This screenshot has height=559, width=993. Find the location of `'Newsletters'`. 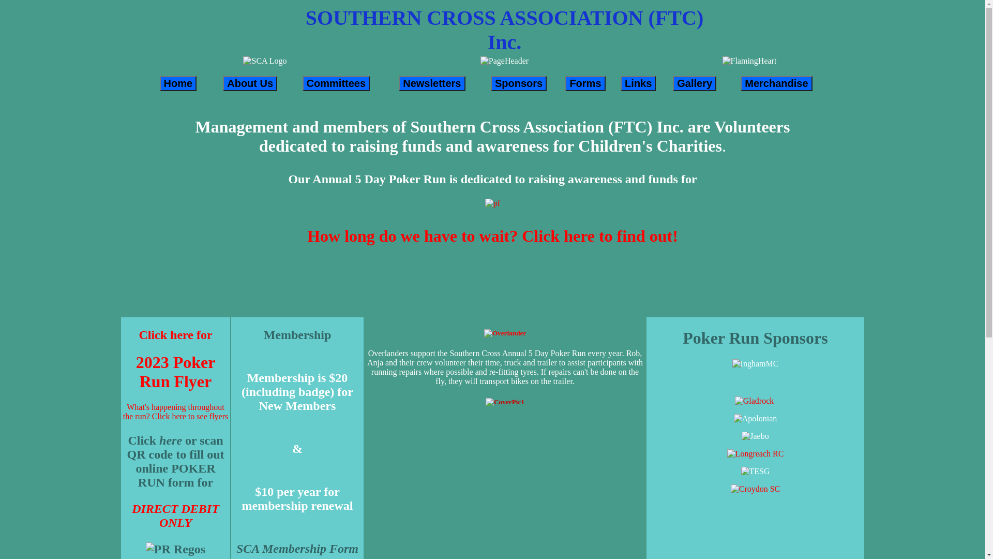

'Newsletters' is located at coordinates (432, 82).